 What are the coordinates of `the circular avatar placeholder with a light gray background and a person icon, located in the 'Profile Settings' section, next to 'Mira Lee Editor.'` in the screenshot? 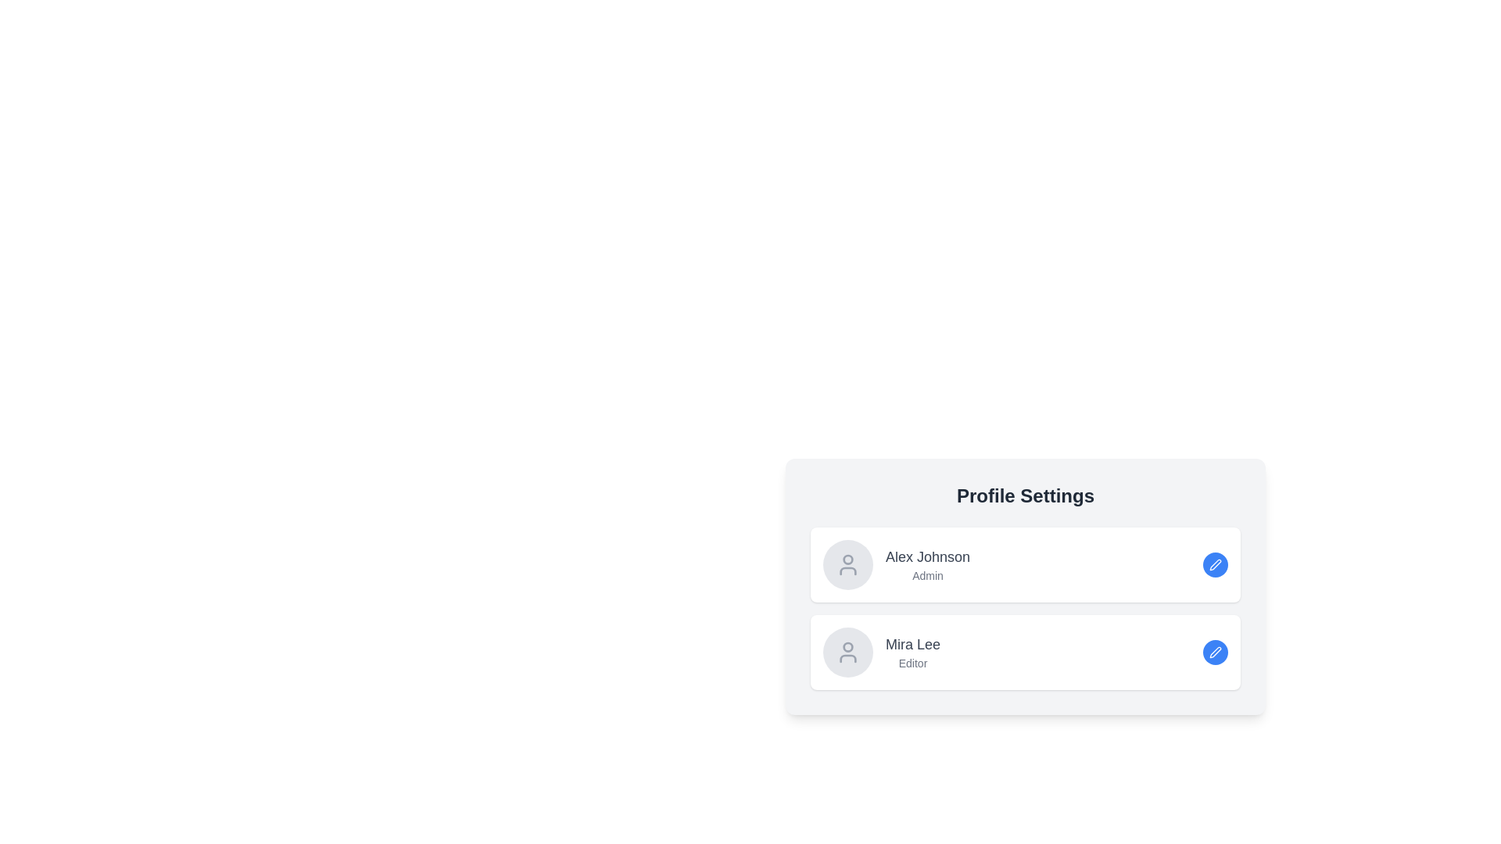 It's located at (847, 652).